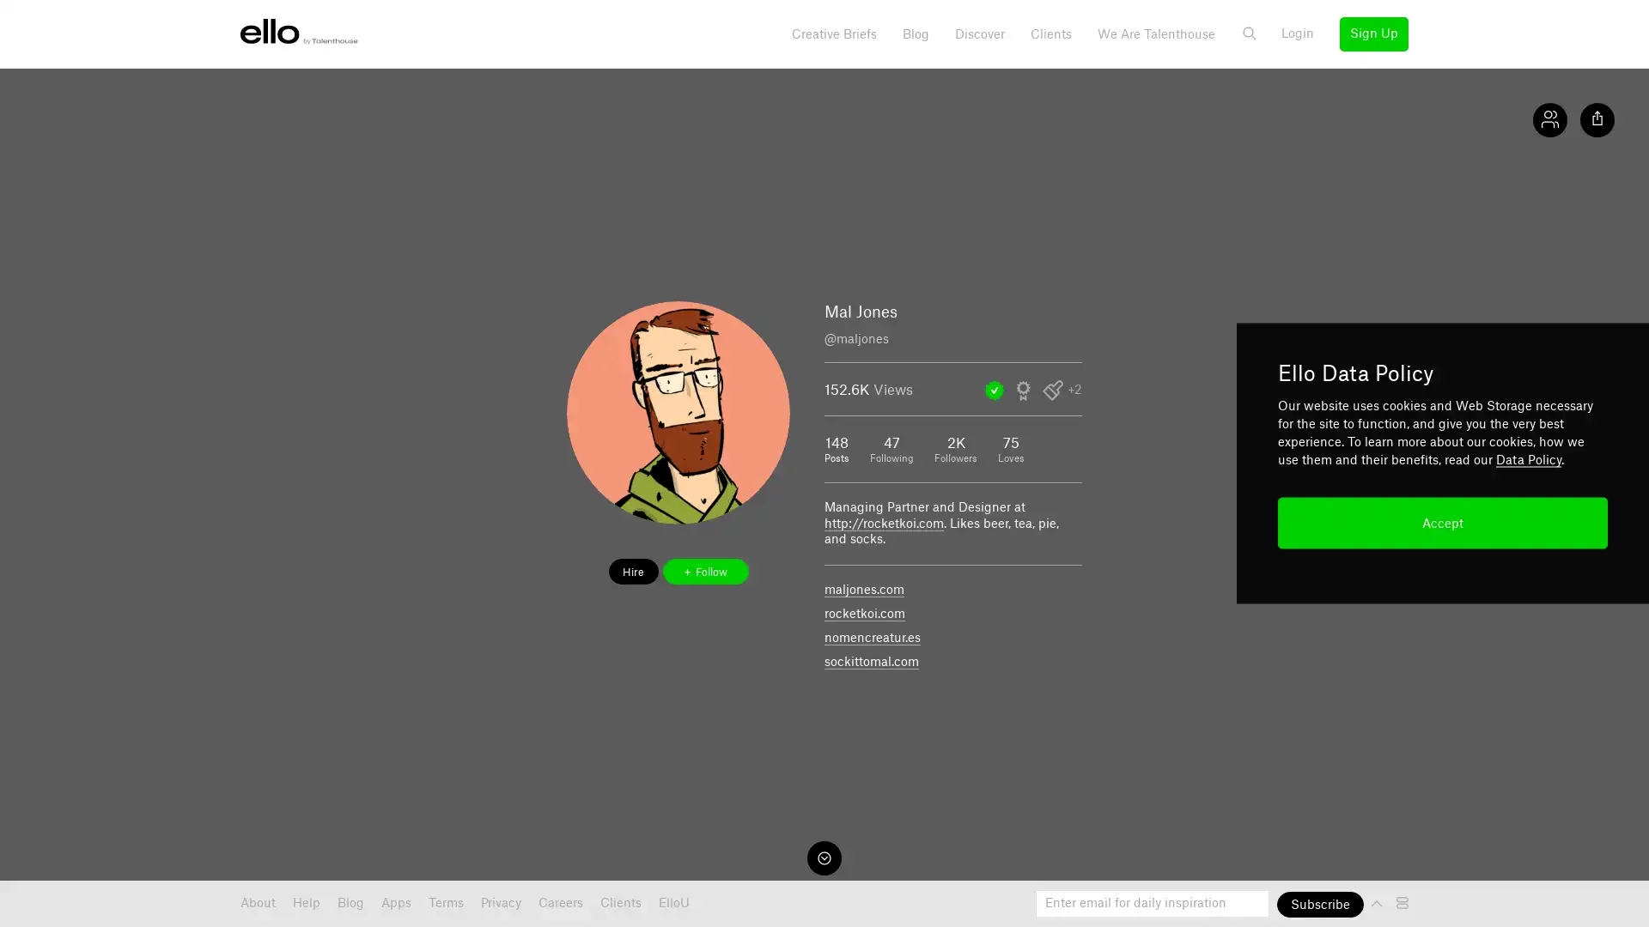  I want to click on Invite Selected Artist, so click(1023, 391).